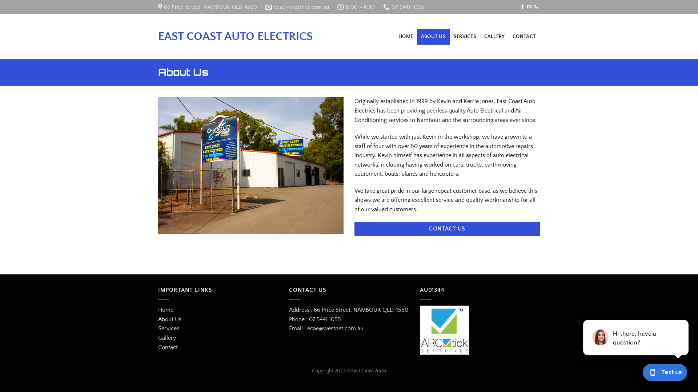 This screenshot has width=698, height=392. Describe the element at coordinates (494, 36) in the screenshot. I see `'GALLERY'` at that location.